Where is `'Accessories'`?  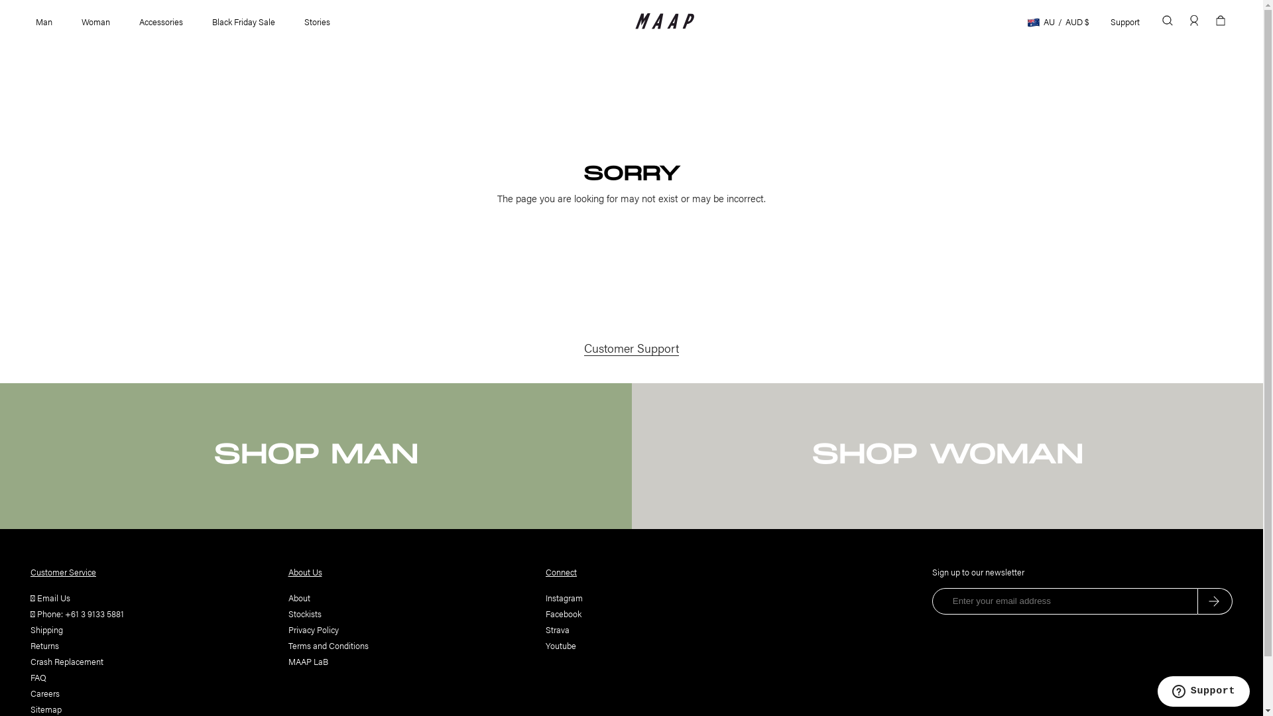 'Accessories' is located at coordinates (160, 21).